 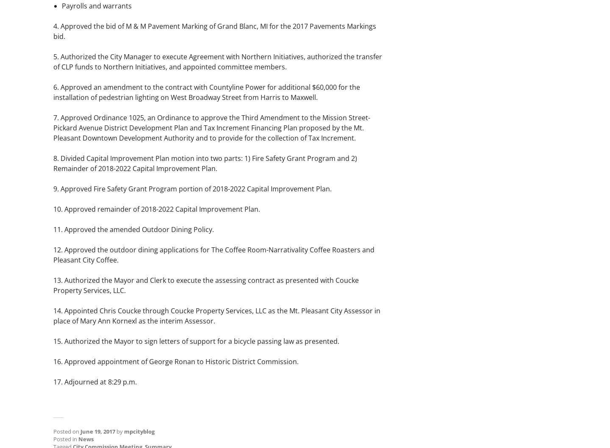 What do you see at coordinates (53, 208) in the screenshot?
I see `'10. Approved remainder of 2018-2022 Capital Improvement Plan.'` at bounding box center [53, 208].